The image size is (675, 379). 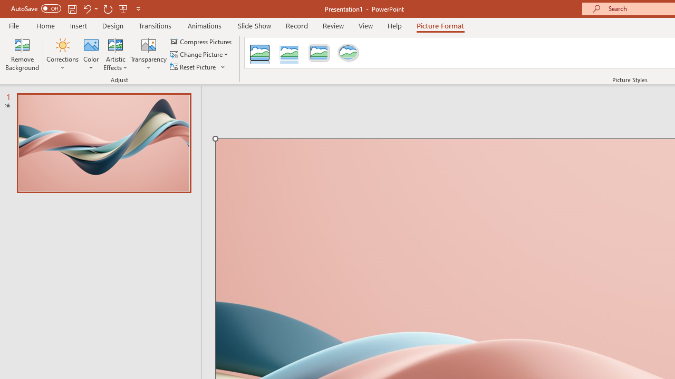 I want to click on 'Artistic Effects', so click(x=115, y=54).